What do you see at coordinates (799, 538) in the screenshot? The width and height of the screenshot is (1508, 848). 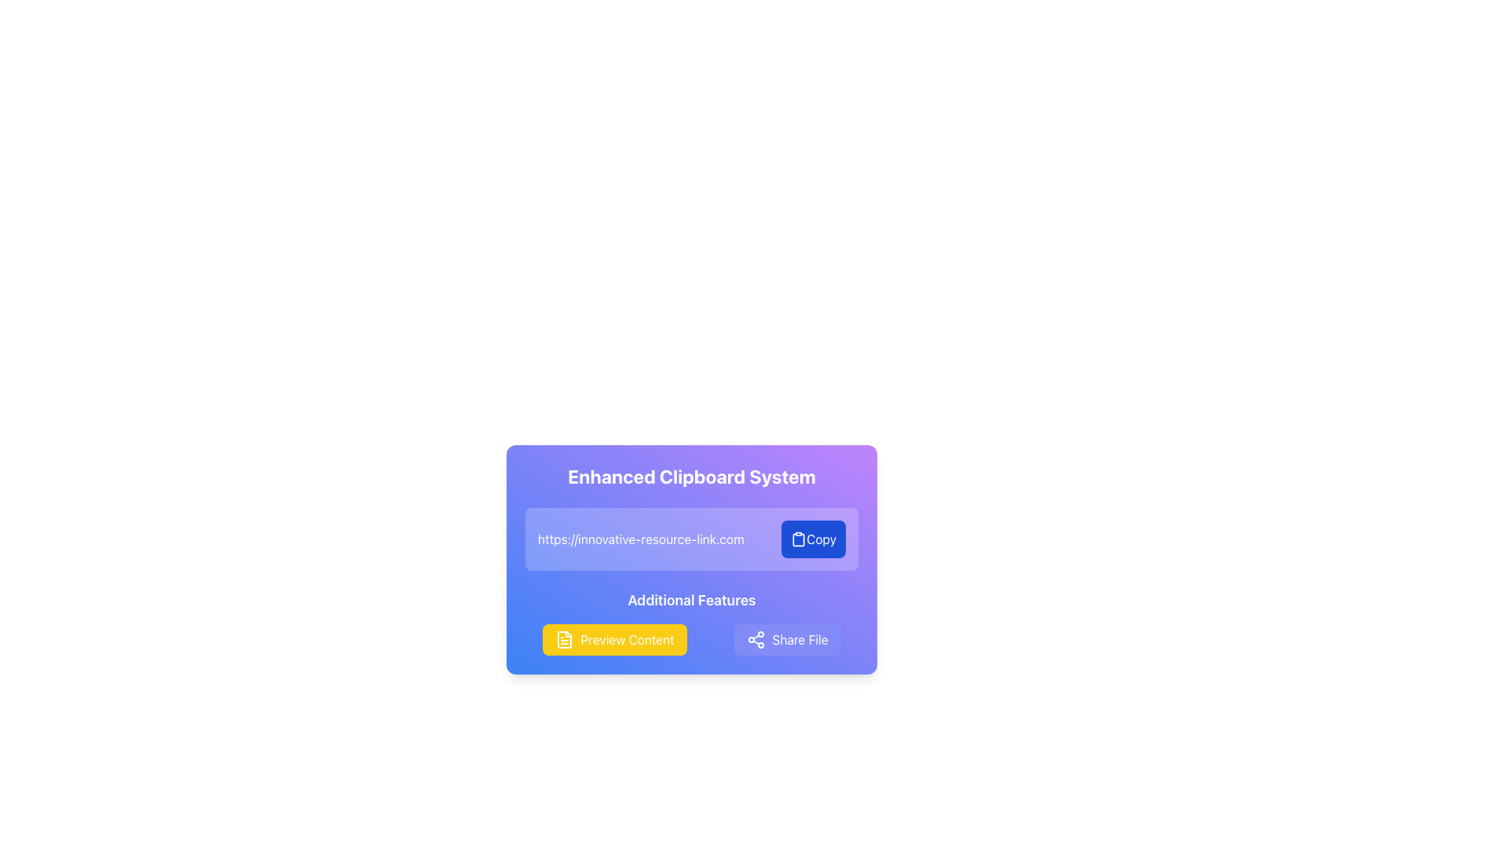 I see `the clipboard icon within the blue 'Copy' button, which is located to the right of the hyperlink and above the 'Additional Features' section` at bounding box center [799, 538].